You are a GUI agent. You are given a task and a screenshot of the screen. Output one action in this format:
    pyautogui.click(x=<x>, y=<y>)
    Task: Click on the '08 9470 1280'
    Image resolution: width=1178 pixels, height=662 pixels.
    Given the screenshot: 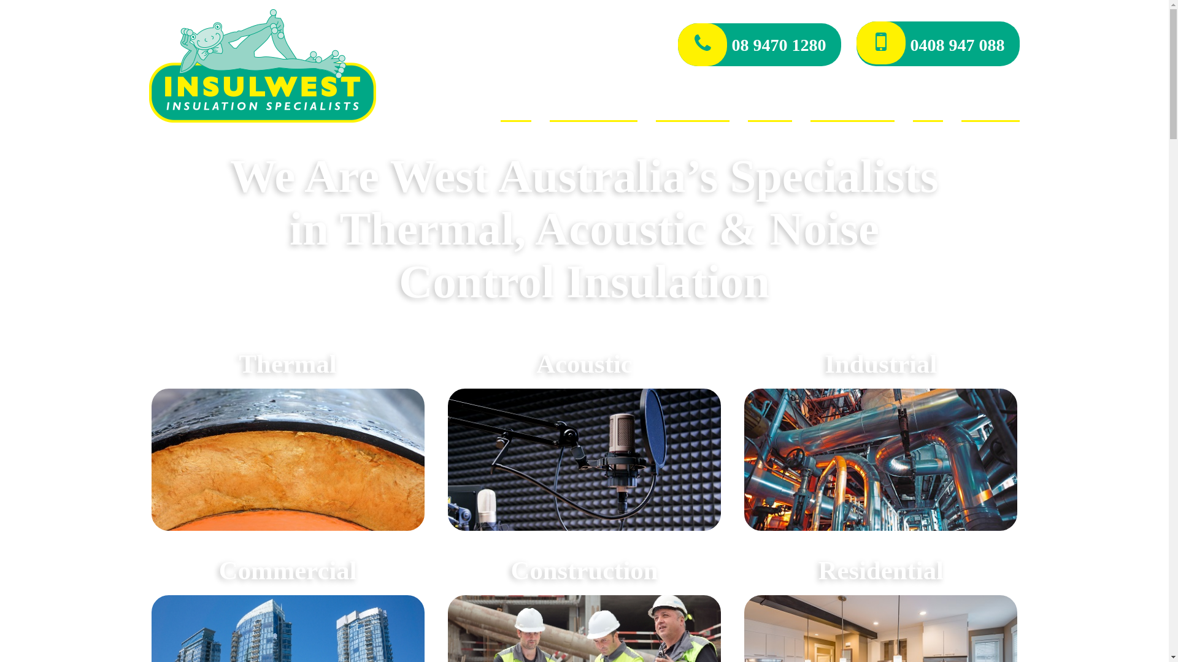 What is the action you would take?
    pyautogui.click(x=759, y=44)
    